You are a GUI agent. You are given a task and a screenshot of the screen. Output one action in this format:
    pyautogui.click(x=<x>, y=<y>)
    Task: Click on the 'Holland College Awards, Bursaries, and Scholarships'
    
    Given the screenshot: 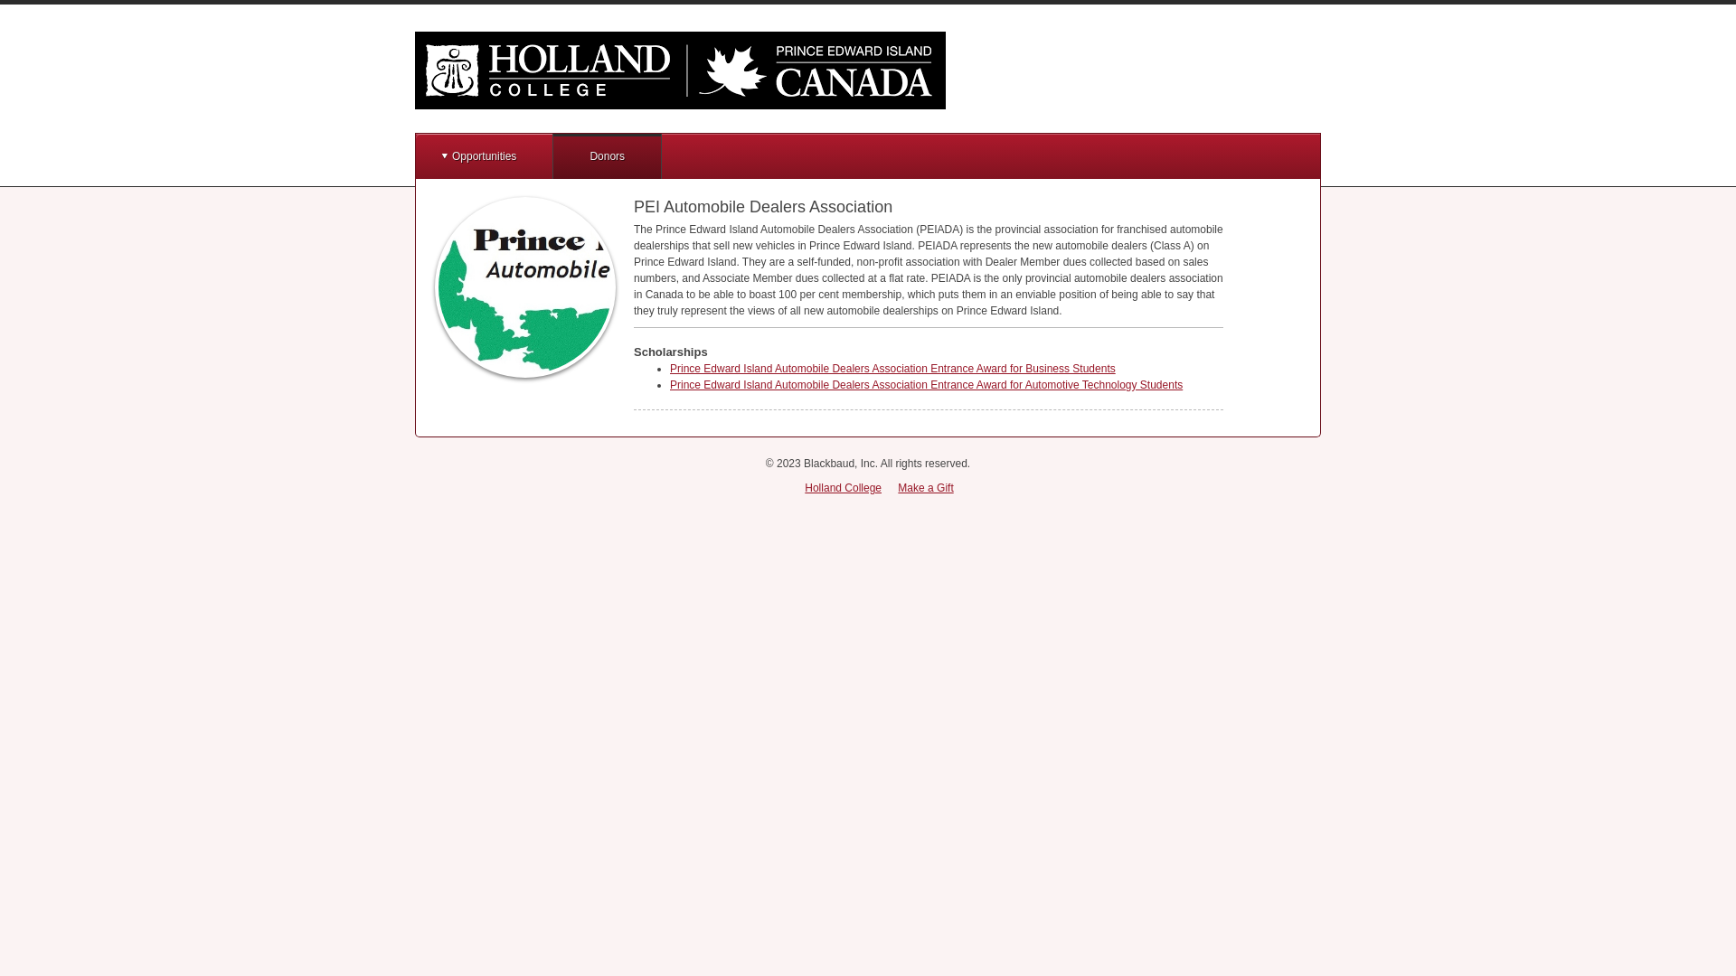 What is the action you would take?
    pyautogui.click(x=679, y=69)
    